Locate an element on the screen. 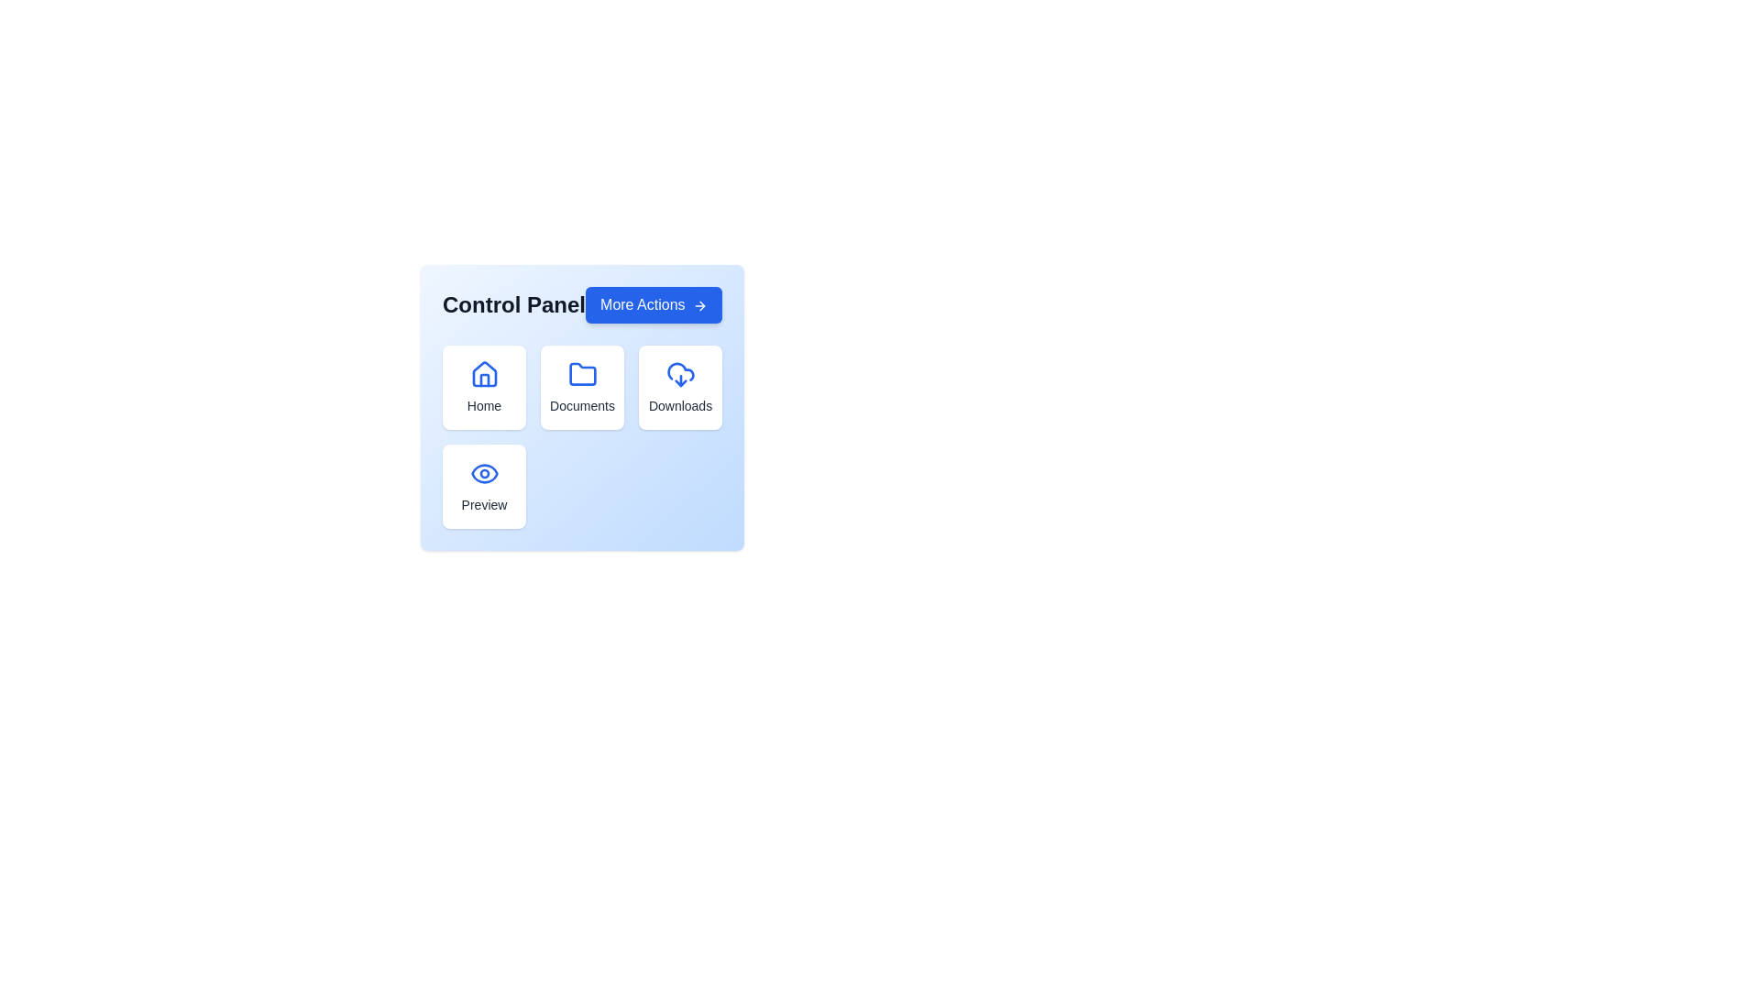 The height and width of the screenshot is (990, 1760). the button located at the top-right corner of the panel, adjacent to the 'Control Panel' title label is located at coordinates (654, 303).